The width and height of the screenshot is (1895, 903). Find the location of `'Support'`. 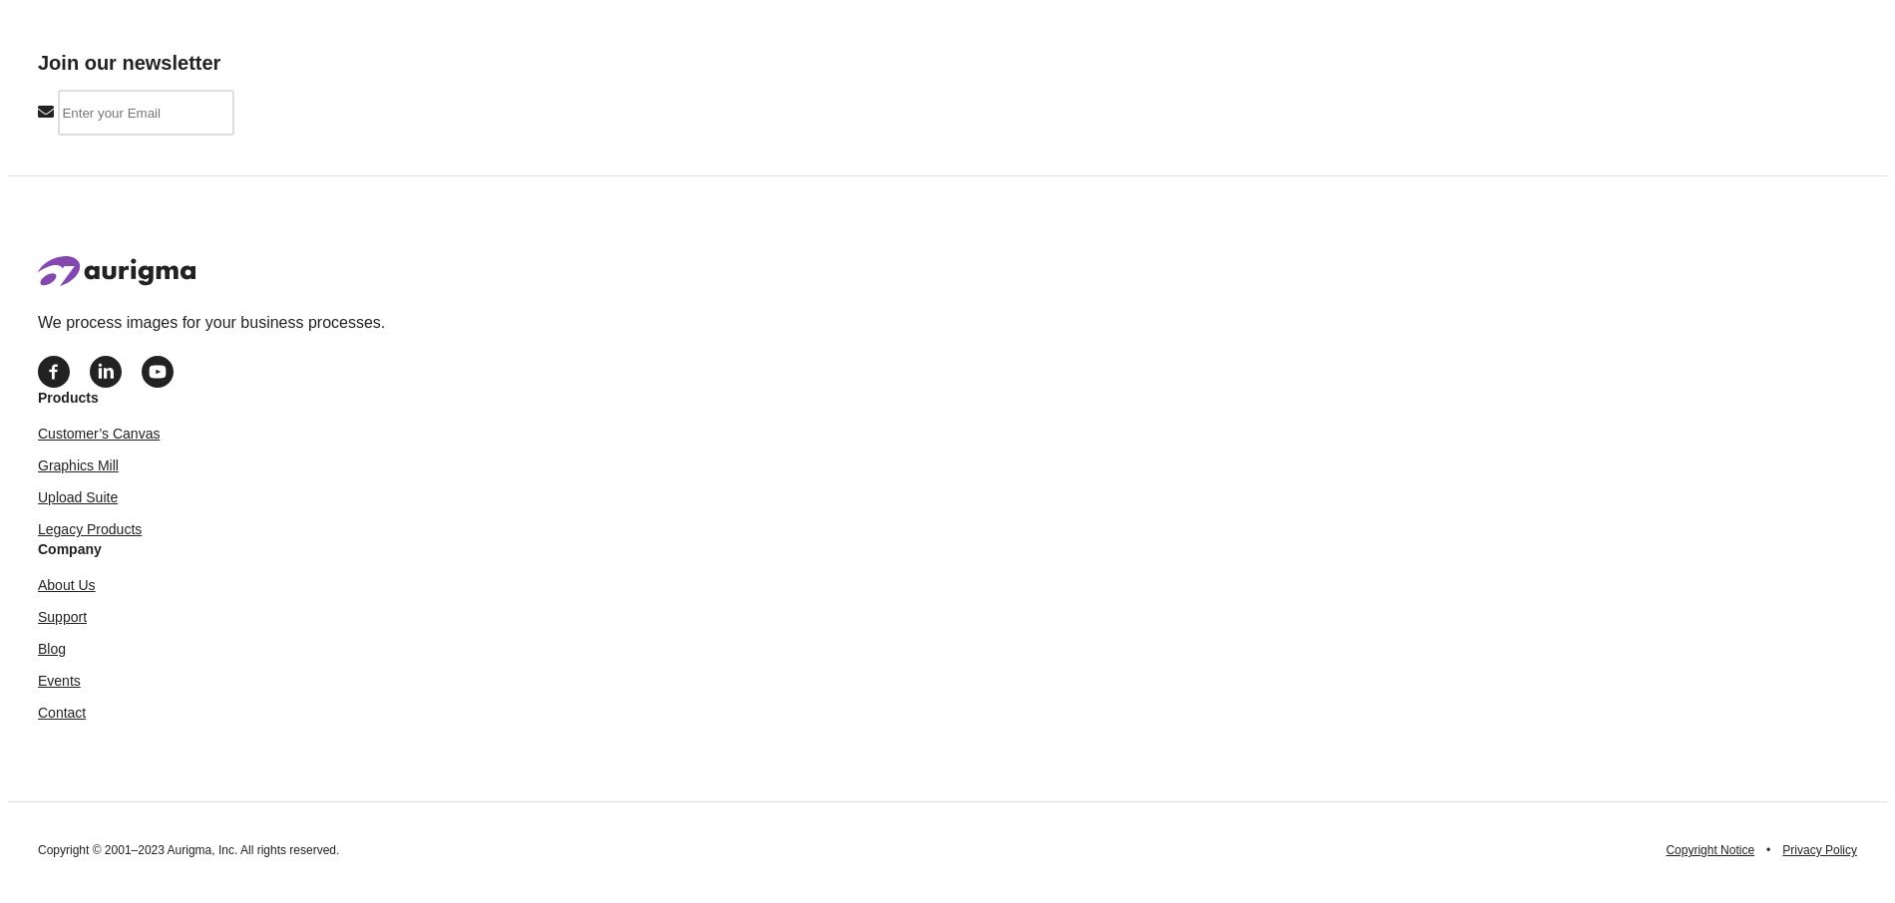

'Support' is located at coordinates (62, 616).